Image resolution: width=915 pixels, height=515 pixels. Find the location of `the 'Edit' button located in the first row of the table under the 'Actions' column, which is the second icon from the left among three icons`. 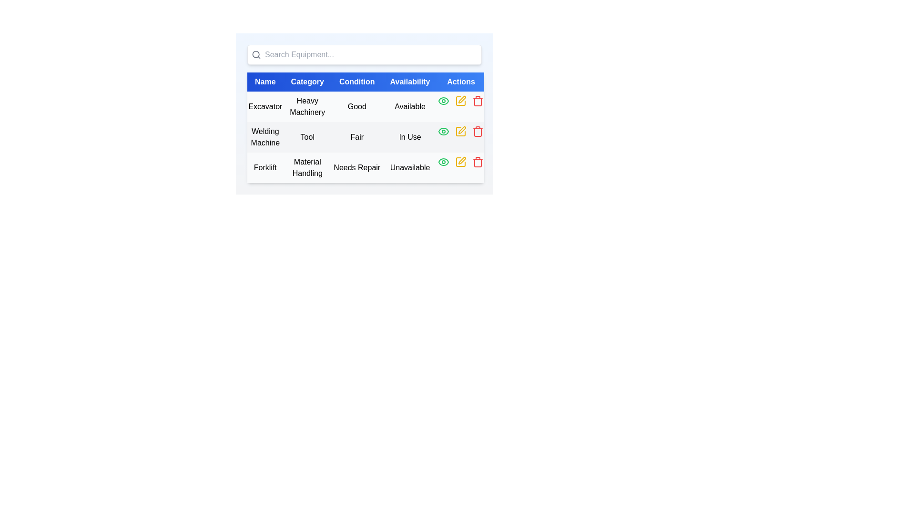

the 'Edit' button located in the first row of the table under the 'Actions' column, which is the second icon from the left among three icons is located at coordinates (461, 101).